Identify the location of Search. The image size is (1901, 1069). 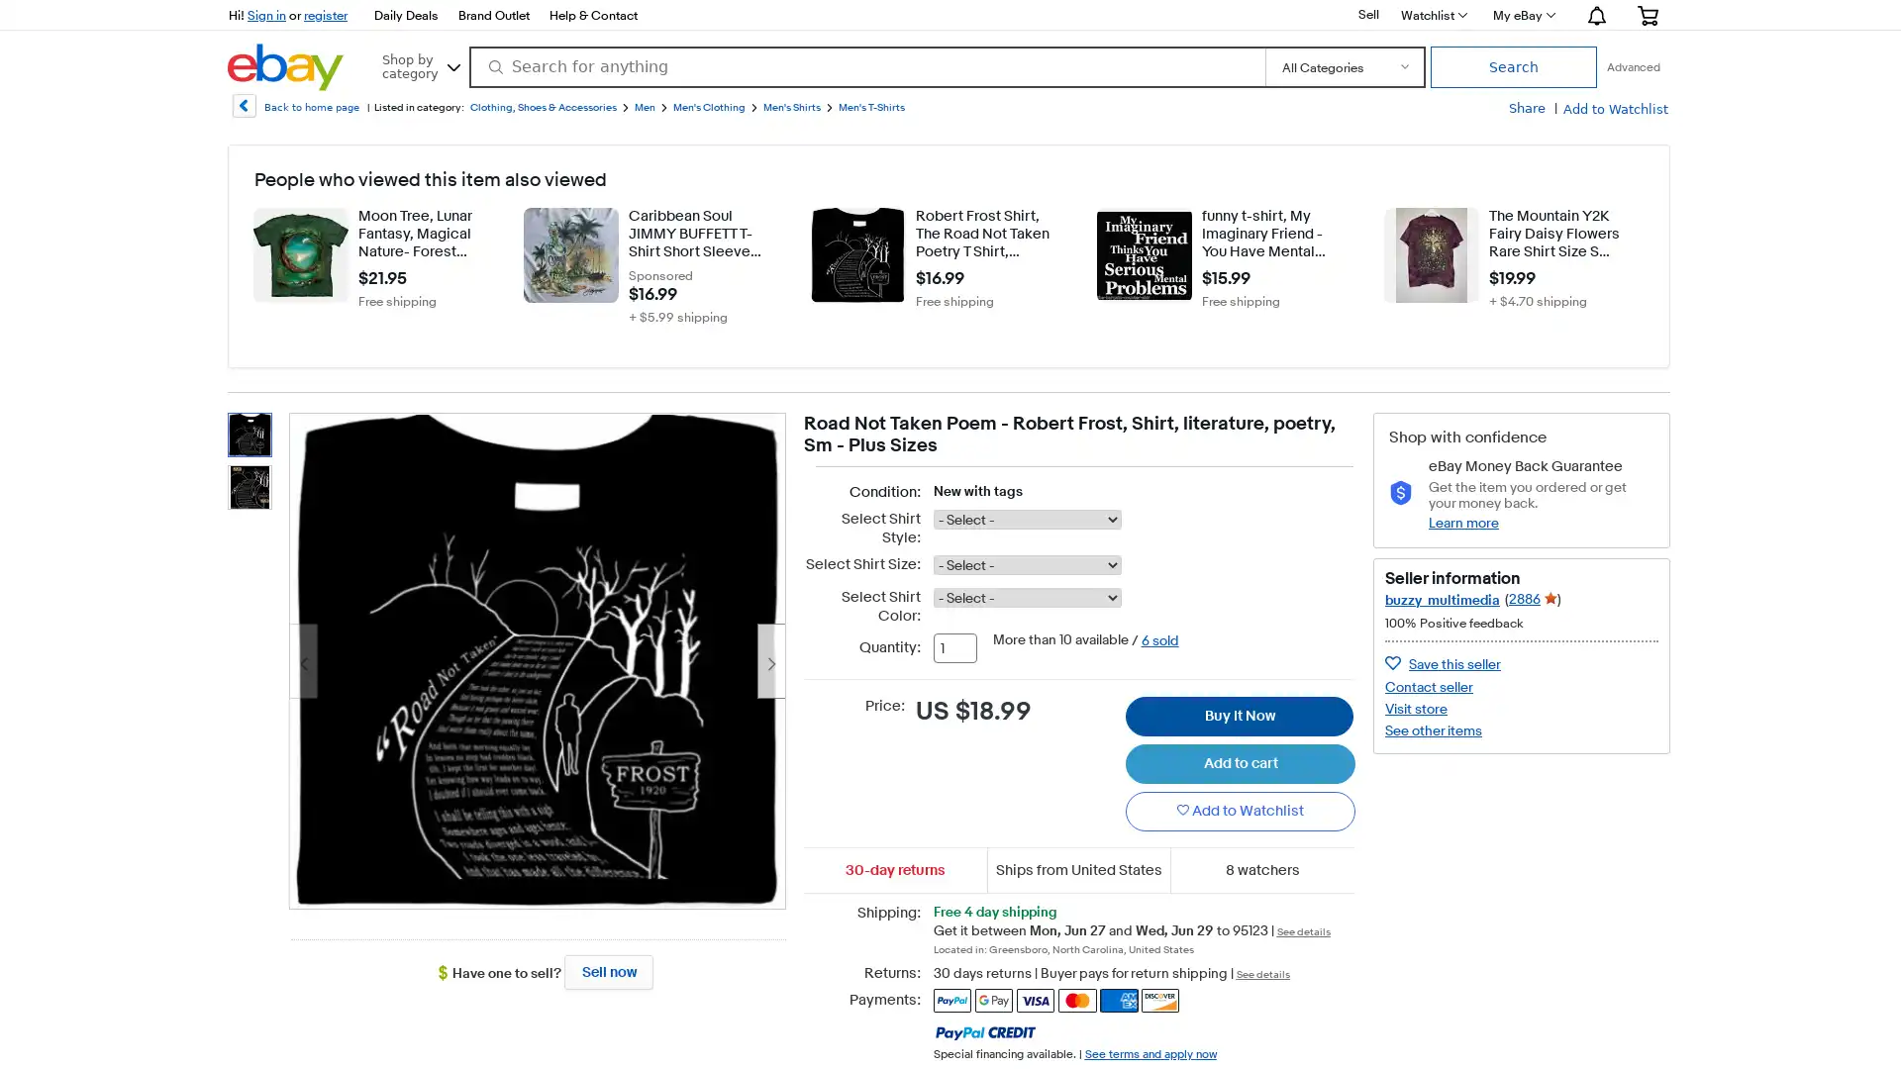
(1511, 66).